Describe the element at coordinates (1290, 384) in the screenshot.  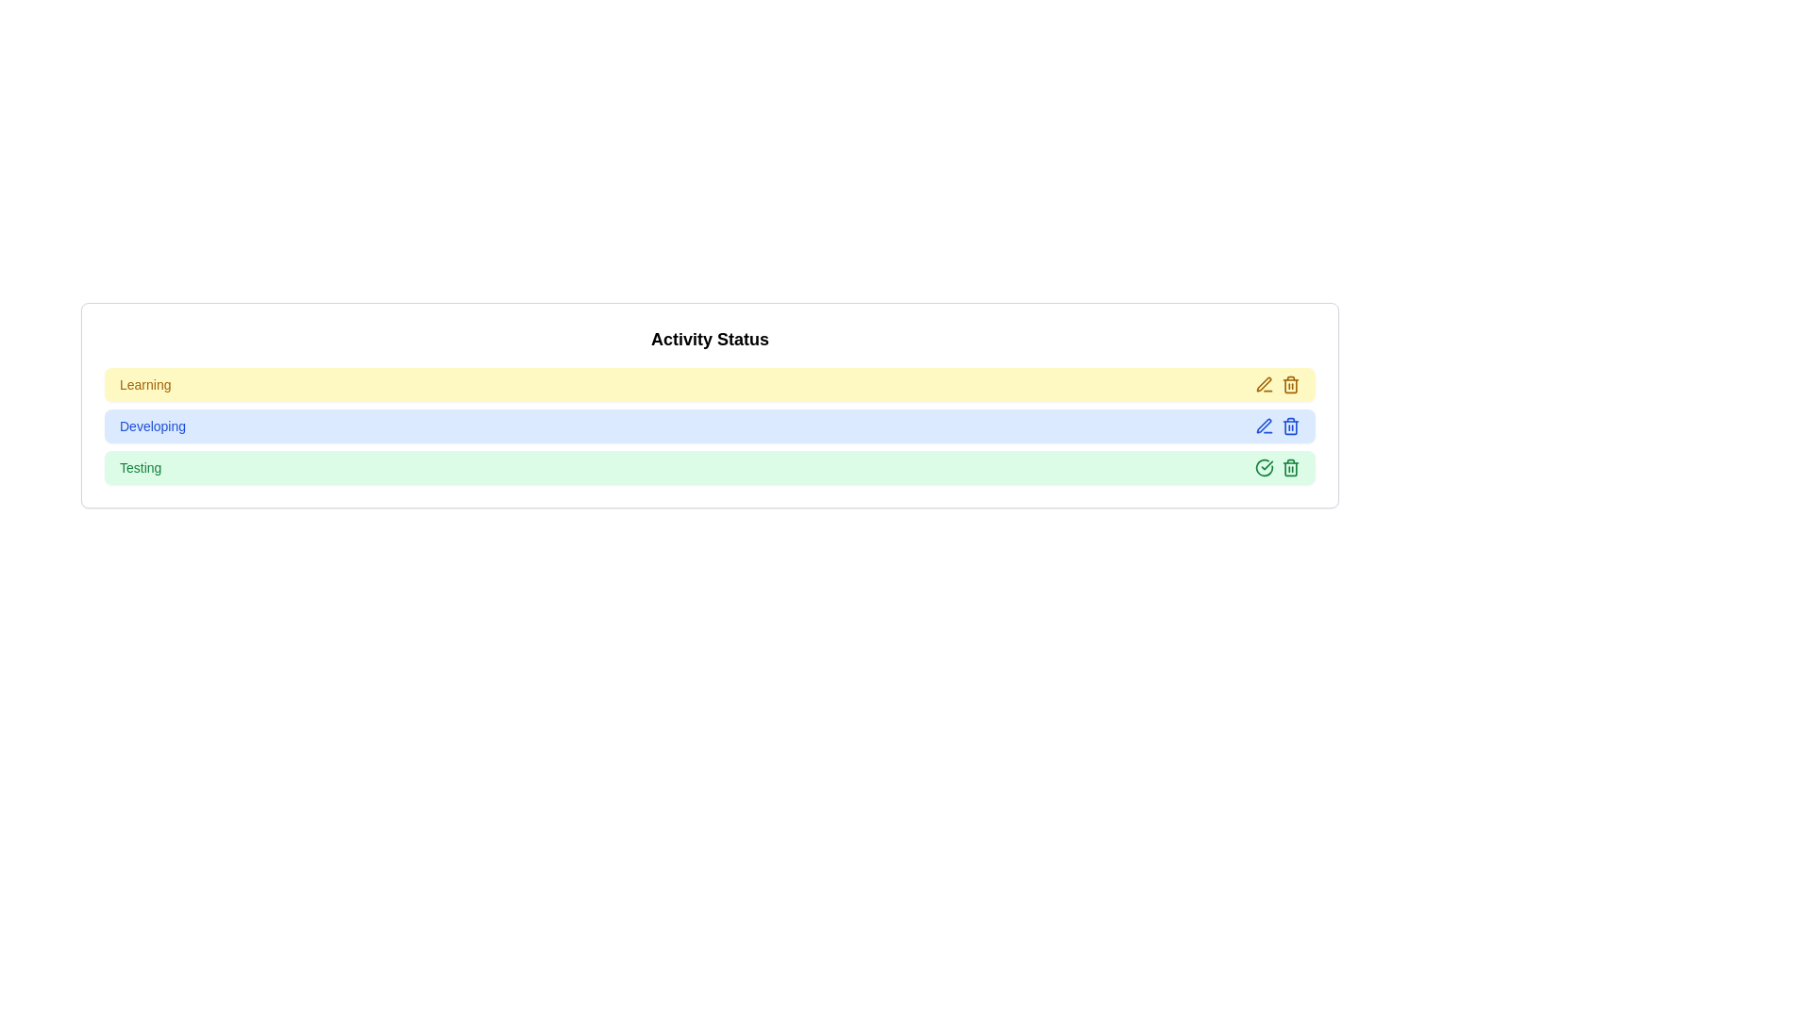
I see `trash icon for the item labeled 'Learning' to delete it` at that location.